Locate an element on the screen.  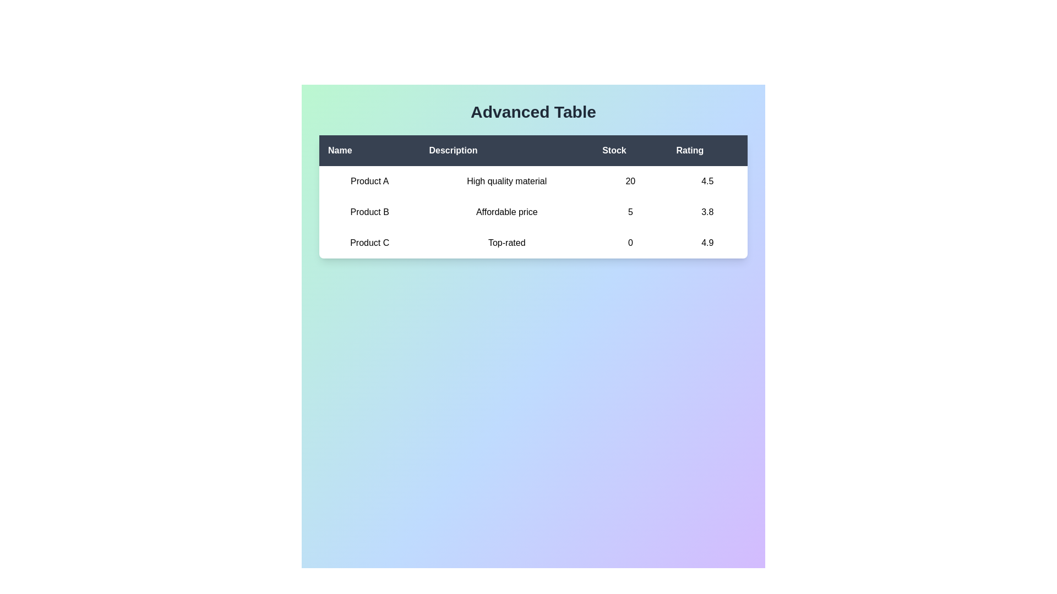
the Text Display element that shows the rating '3.8' for 'Product B' in the fourth column of the second row is located at coordinates (707, 212).